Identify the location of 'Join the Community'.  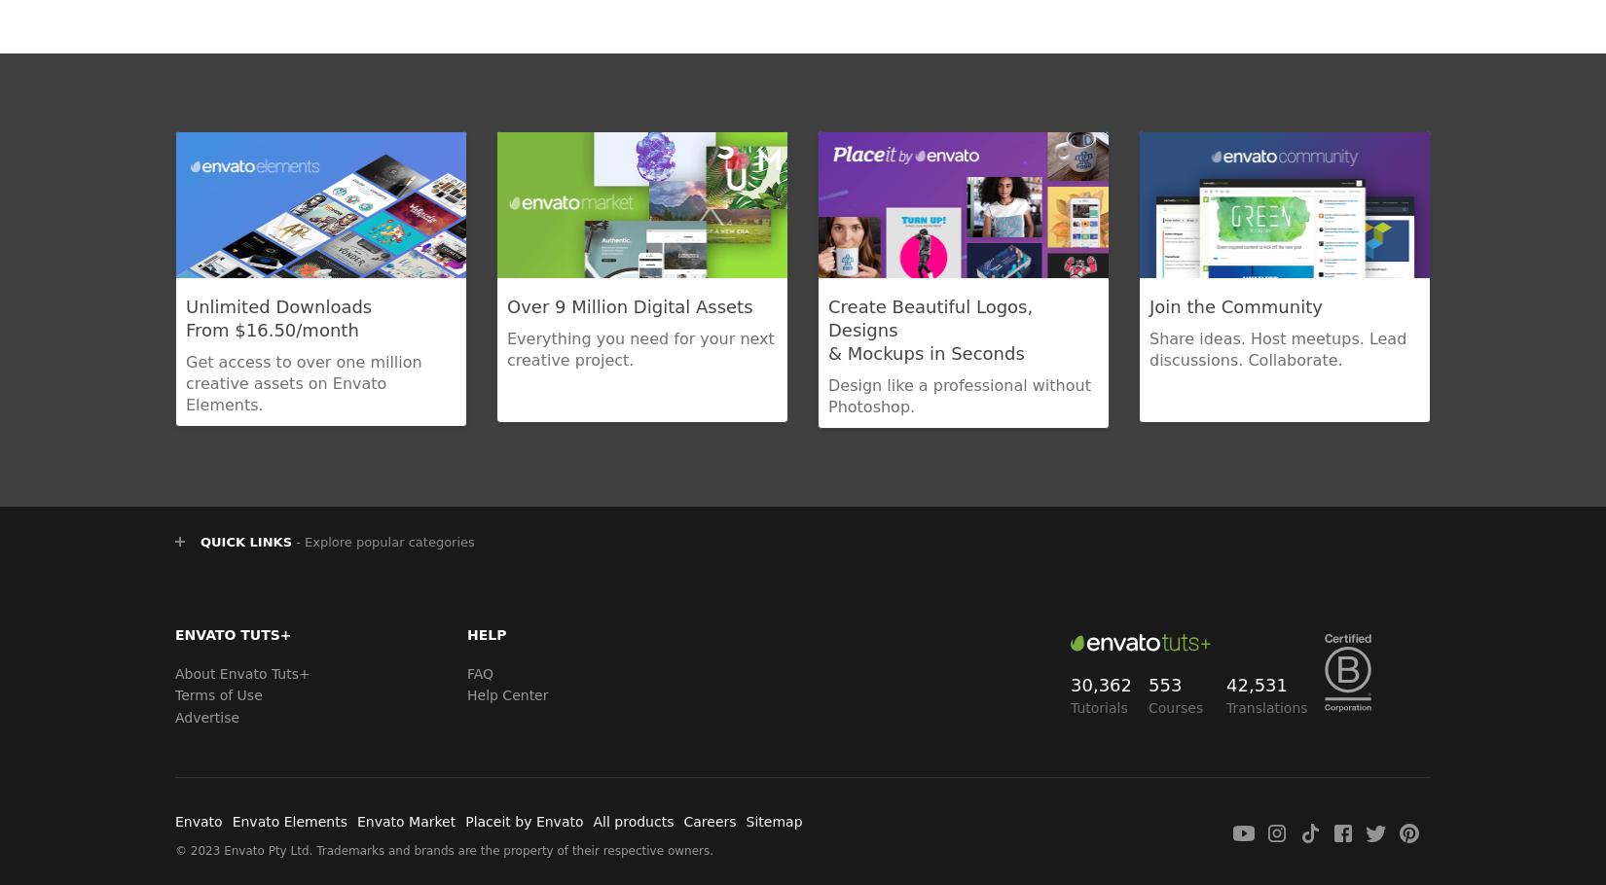
(1234, 306).